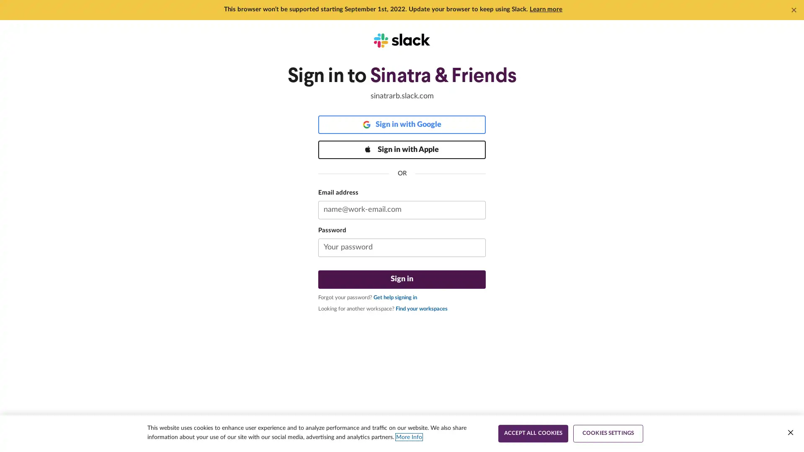  What do you see at coordinates (402, 124) in the screenshot?
I see `Sign in with Google` at bounding box center [402, 124].